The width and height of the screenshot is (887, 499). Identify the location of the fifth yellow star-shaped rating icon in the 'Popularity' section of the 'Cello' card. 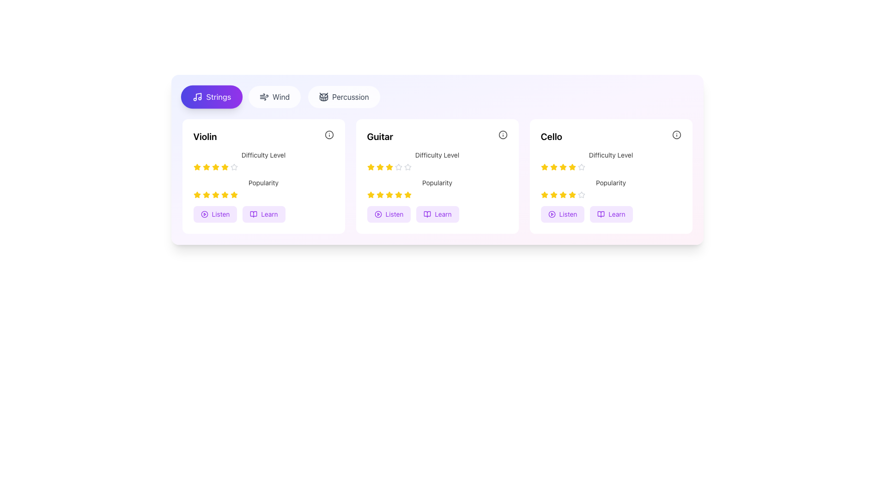
(571, 194).